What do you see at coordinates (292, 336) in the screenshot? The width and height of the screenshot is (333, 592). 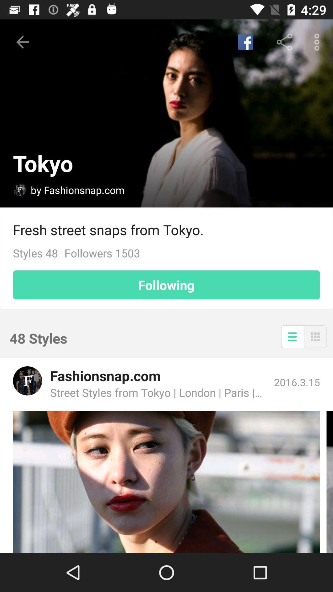 I see `menu appearance` at bounding box center [292, 336].